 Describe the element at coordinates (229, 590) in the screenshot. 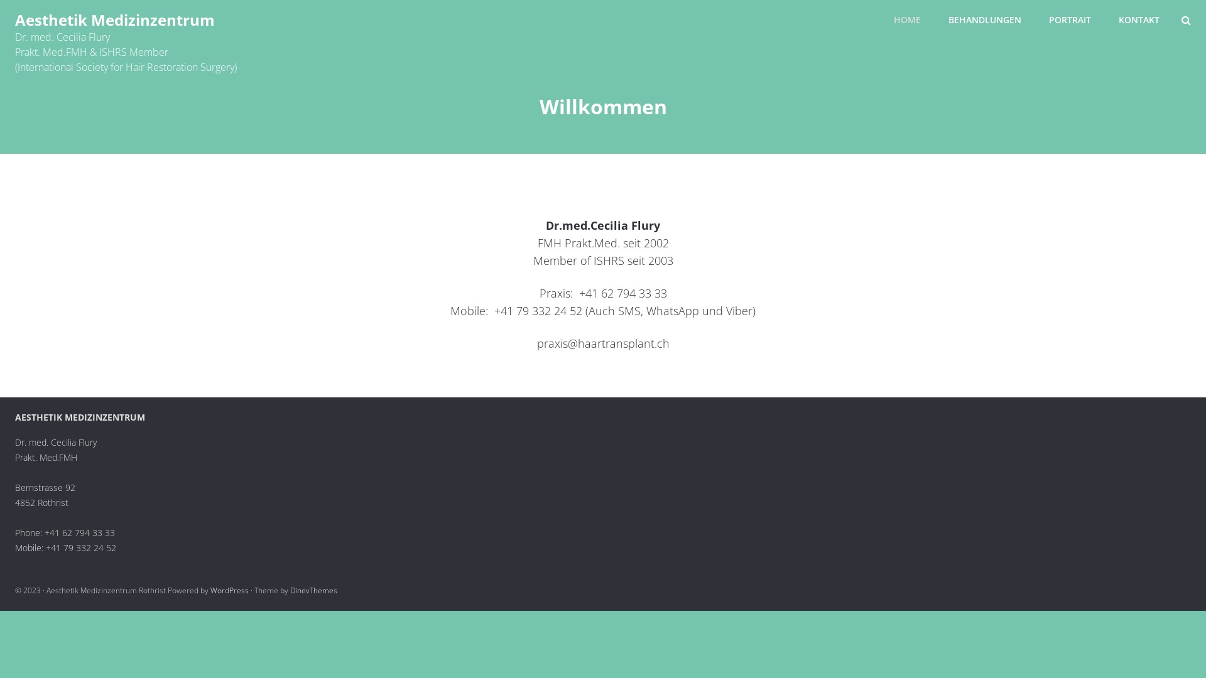

I see `'WordPress'` at that location.